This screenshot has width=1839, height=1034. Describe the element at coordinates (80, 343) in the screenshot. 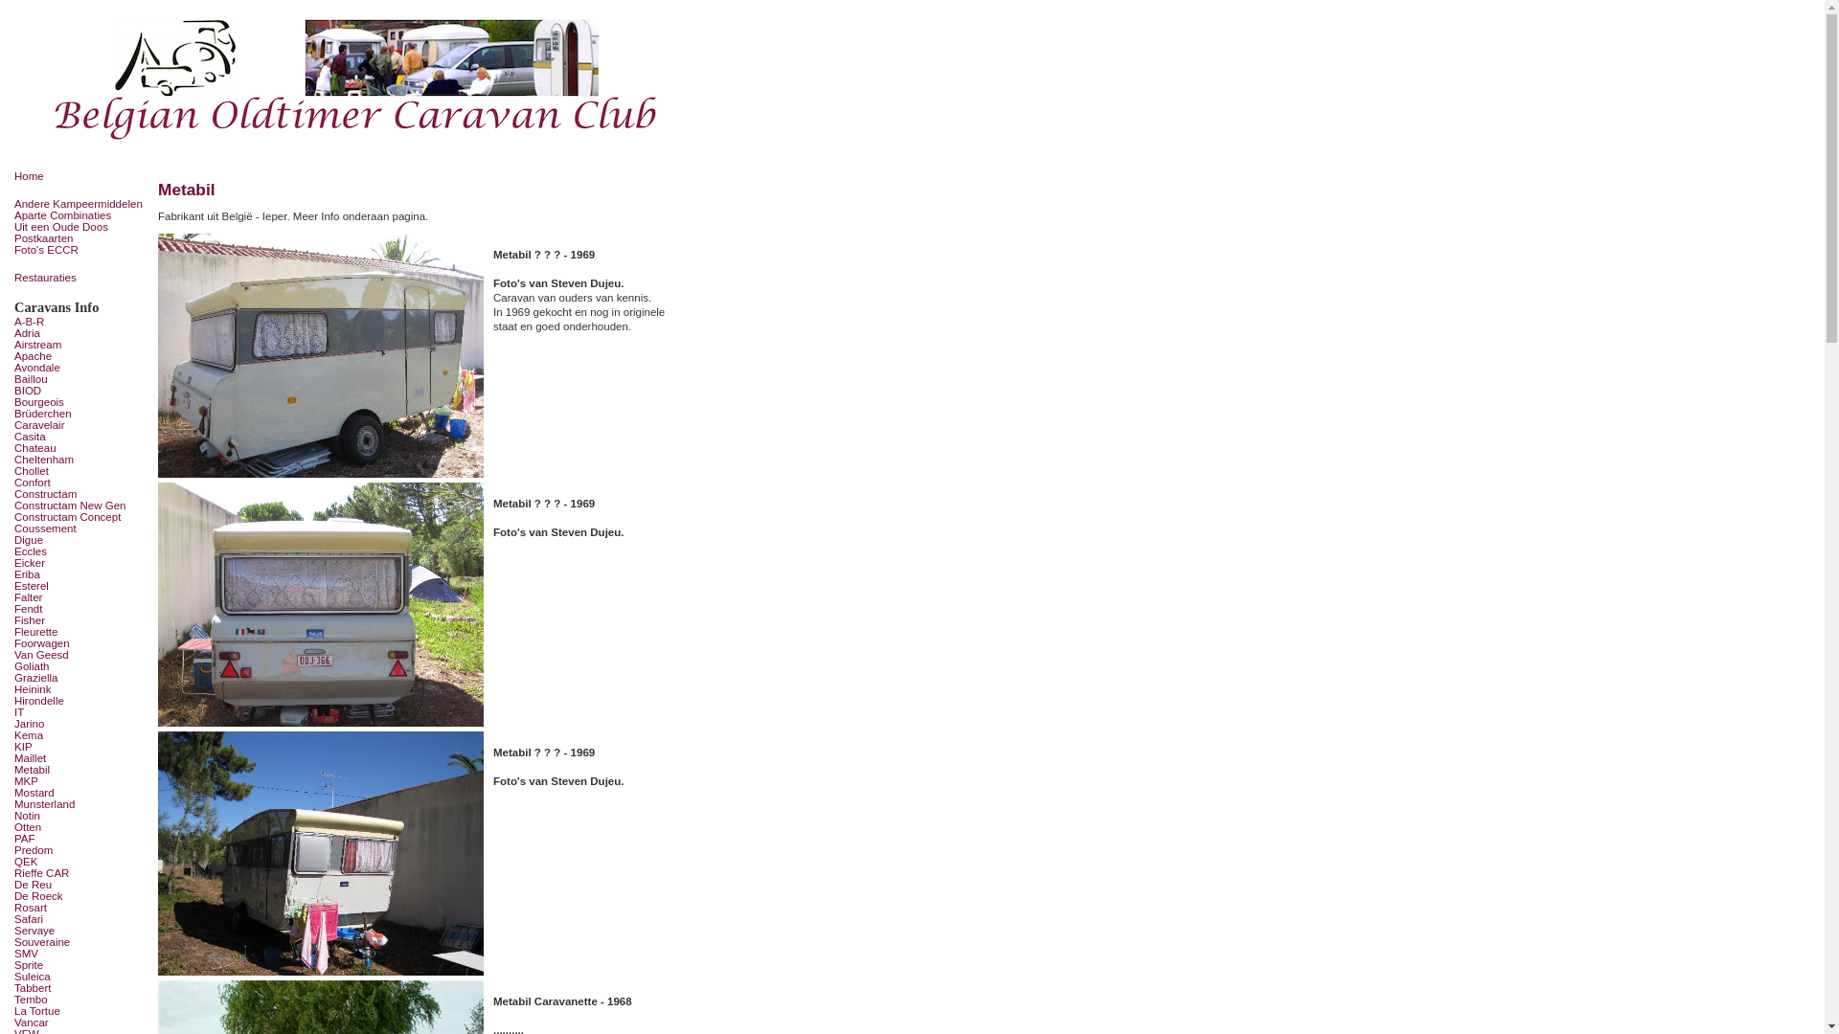

I see `'Airstream'` at that location.